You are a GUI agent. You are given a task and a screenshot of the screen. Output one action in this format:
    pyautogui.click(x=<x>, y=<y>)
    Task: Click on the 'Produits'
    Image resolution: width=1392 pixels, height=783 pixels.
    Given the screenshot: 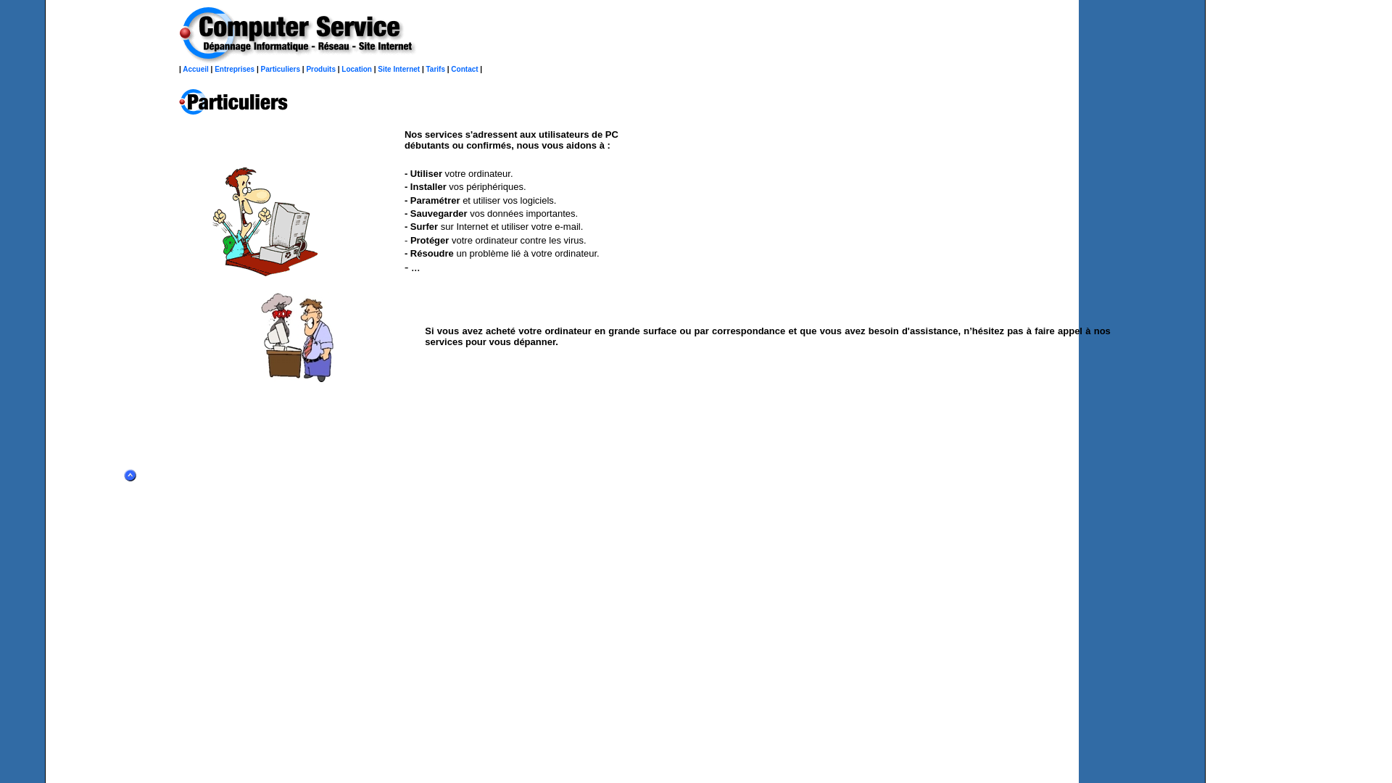 What is the action you would take?
    pyautogui.click(x=320, y=69)
    